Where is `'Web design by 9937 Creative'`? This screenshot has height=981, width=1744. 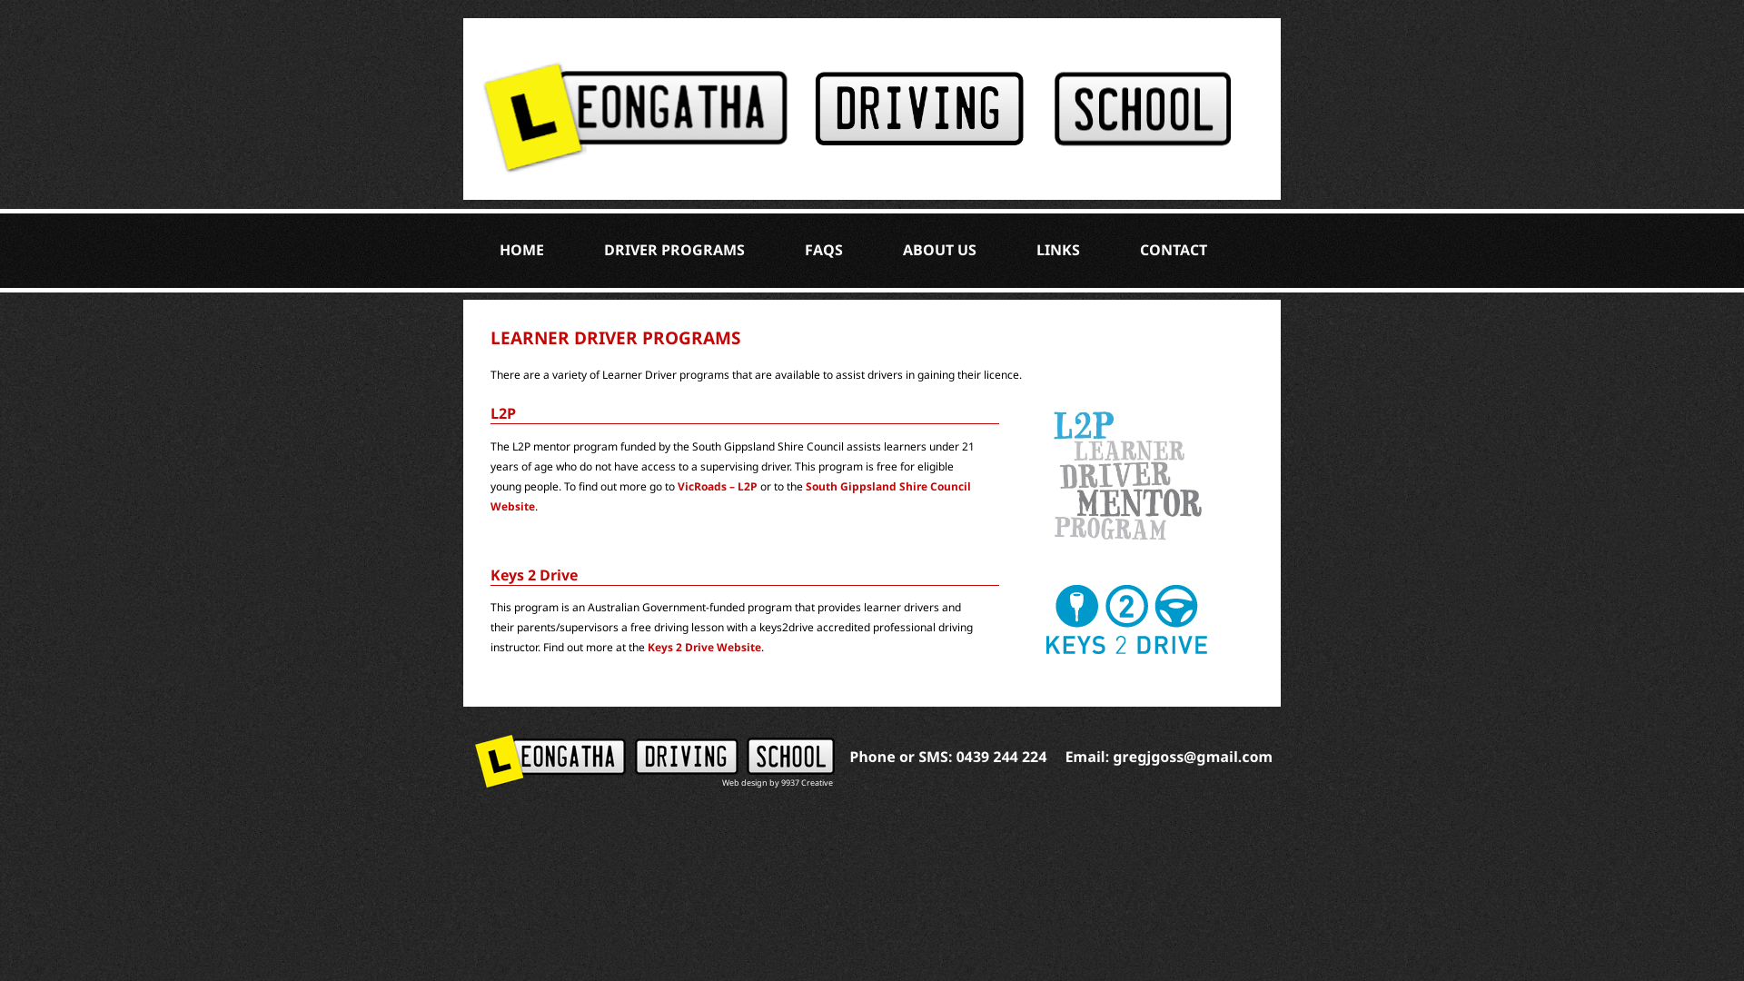
'Web design by 9937 Creative' is located at coordinates (721, 781).